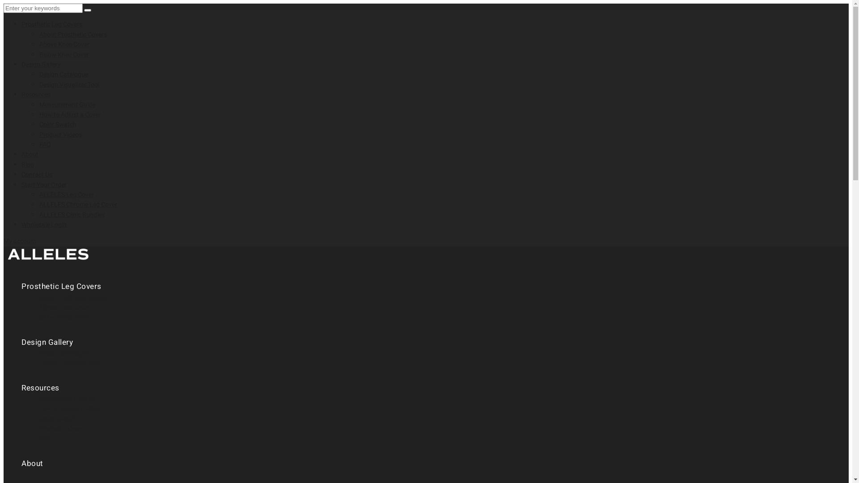 The width and height of the screenshot is (859, 483). Describe the element at coordinates (66, 194) in the screenshot. I see `'ALLELES Leg Cover'` at that location.